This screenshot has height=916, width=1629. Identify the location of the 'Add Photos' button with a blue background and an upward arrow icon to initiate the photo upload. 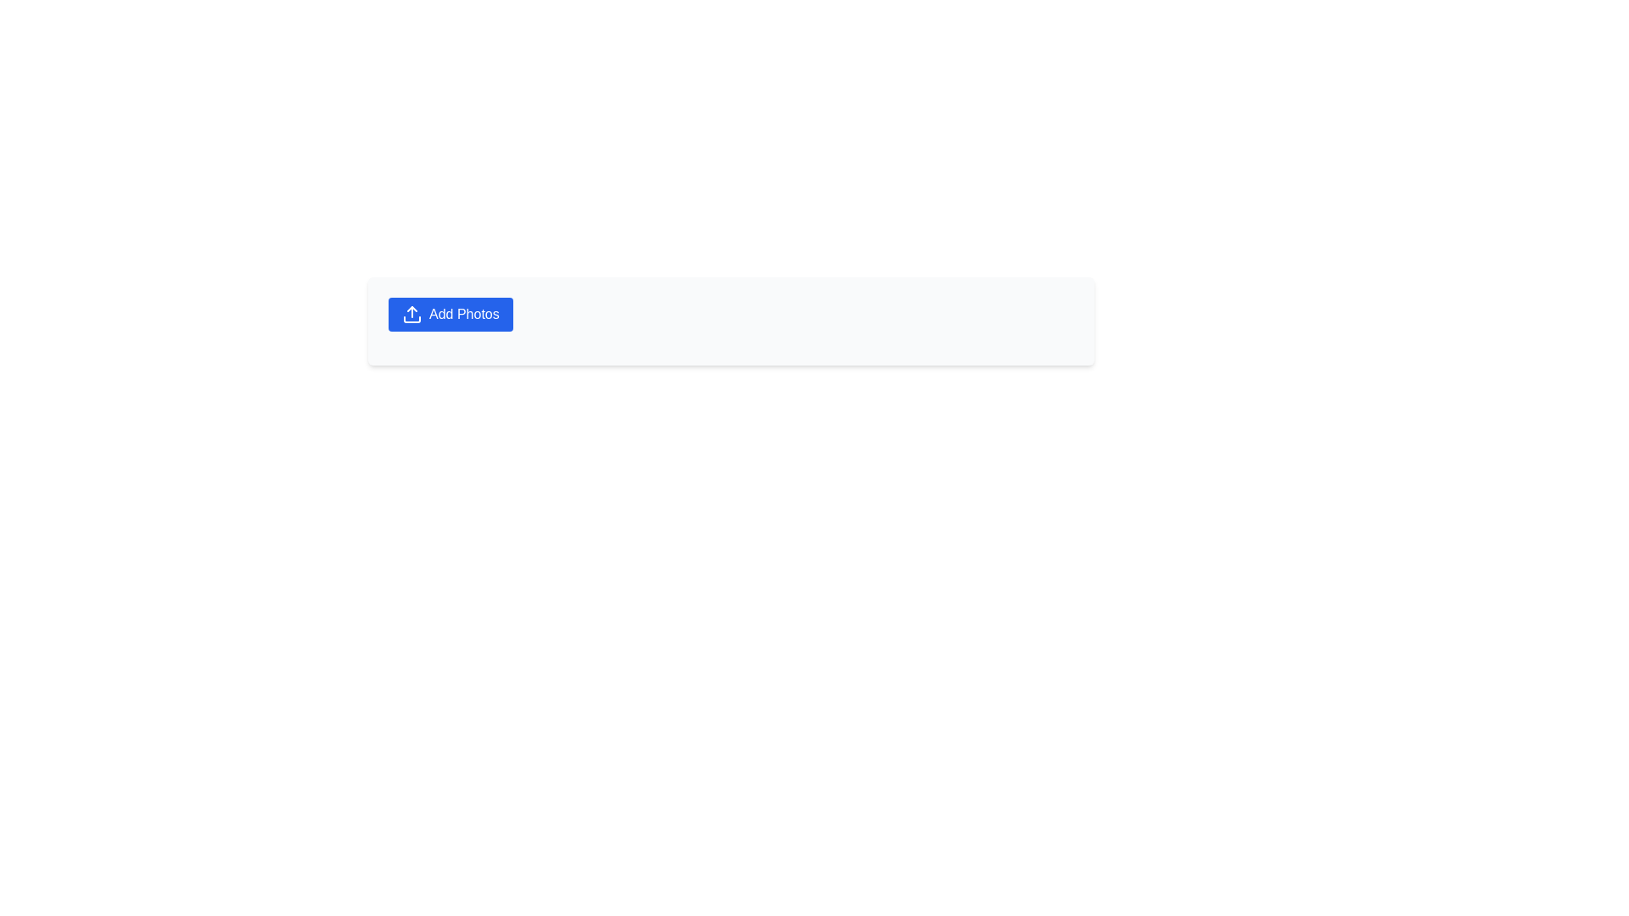
(451, 314).